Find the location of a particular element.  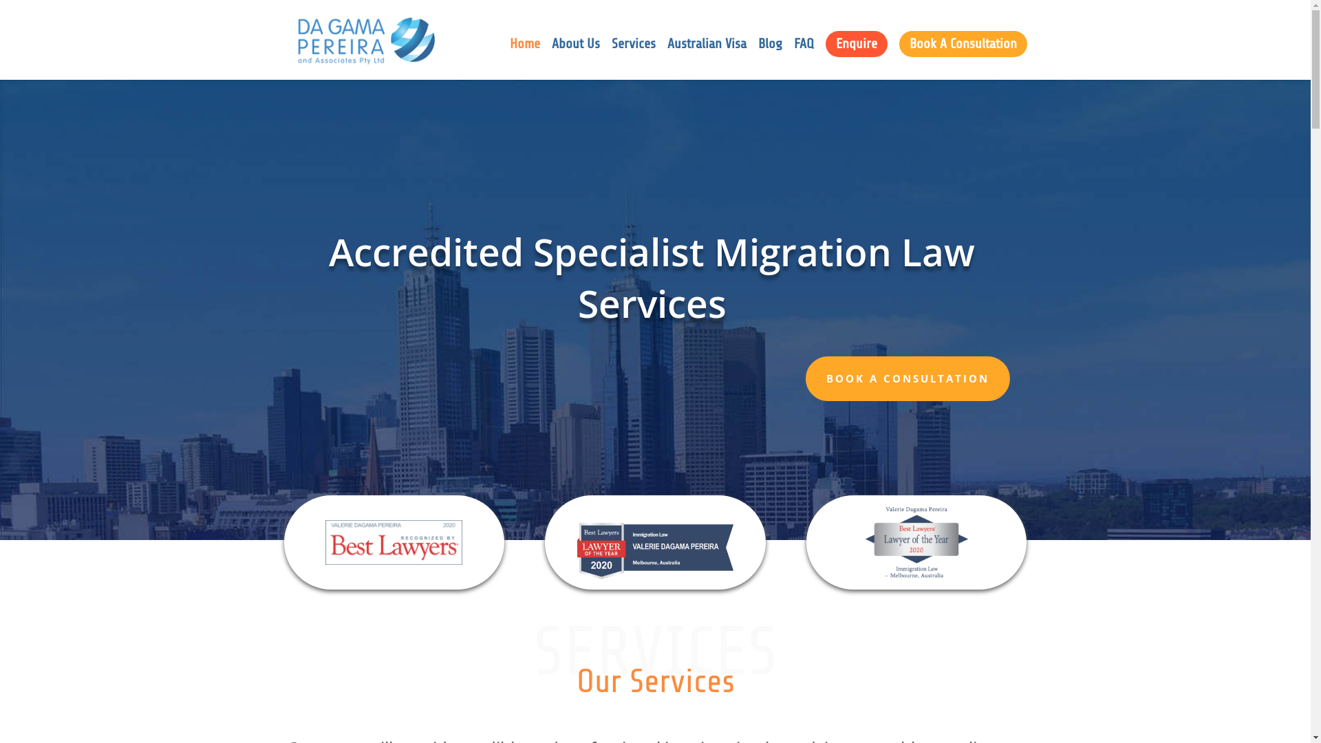

'FAQ' is located at coordinates (804, 58).